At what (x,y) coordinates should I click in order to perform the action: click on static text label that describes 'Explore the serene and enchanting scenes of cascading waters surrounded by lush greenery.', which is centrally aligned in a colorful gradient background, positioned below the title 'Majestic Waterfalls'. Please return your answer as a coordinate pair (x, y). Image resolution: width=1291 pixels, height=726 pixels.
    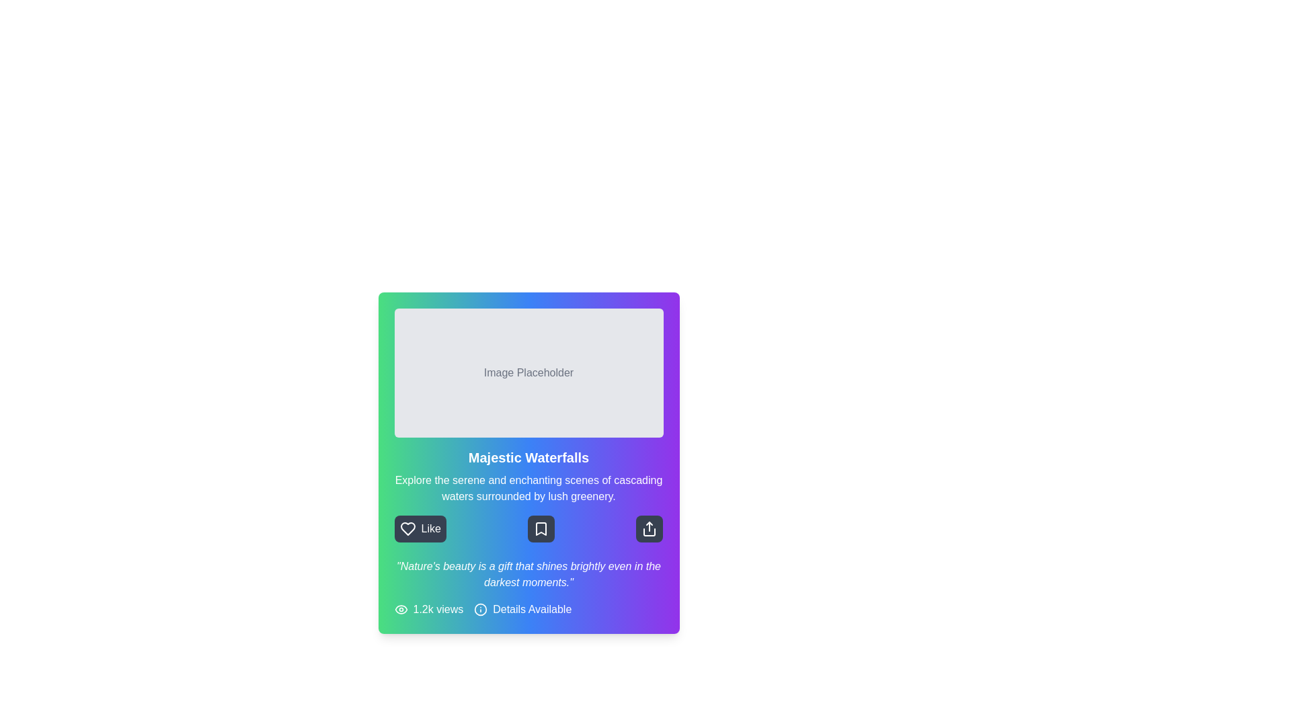
    Looking at the image, I should click on (528, 488).